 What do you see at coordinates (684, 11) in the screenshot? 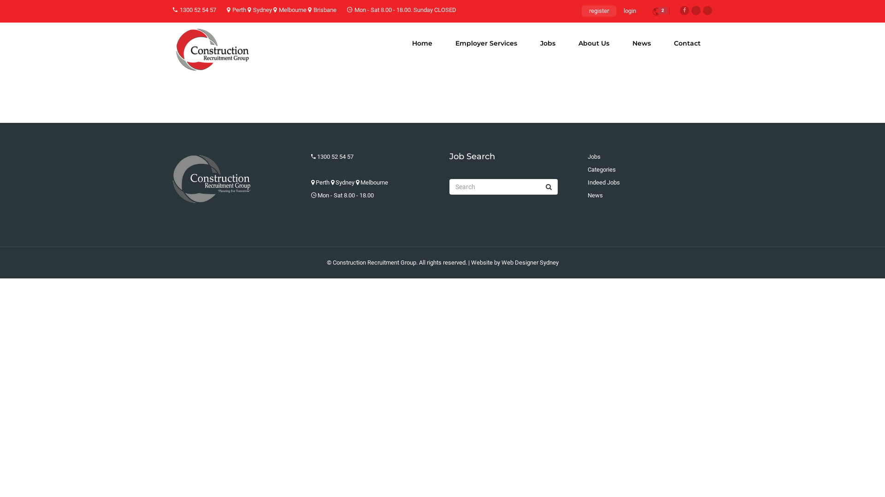
I see `'Facebook'` at bounding box center [684, 11].